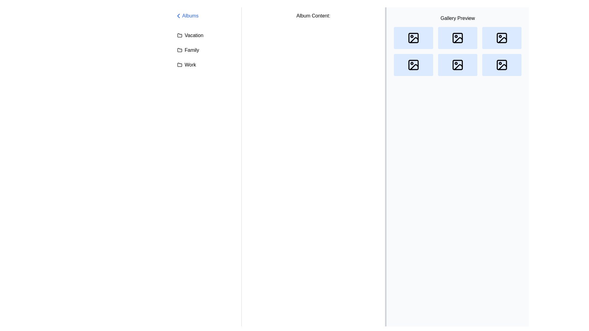  What do you see at coordinates (458, 38) in the screenshot?
I see `on the Image Preview Placeholder located in the second column of the first row in the Gallery Preview section` at bounding box center [458, 38].